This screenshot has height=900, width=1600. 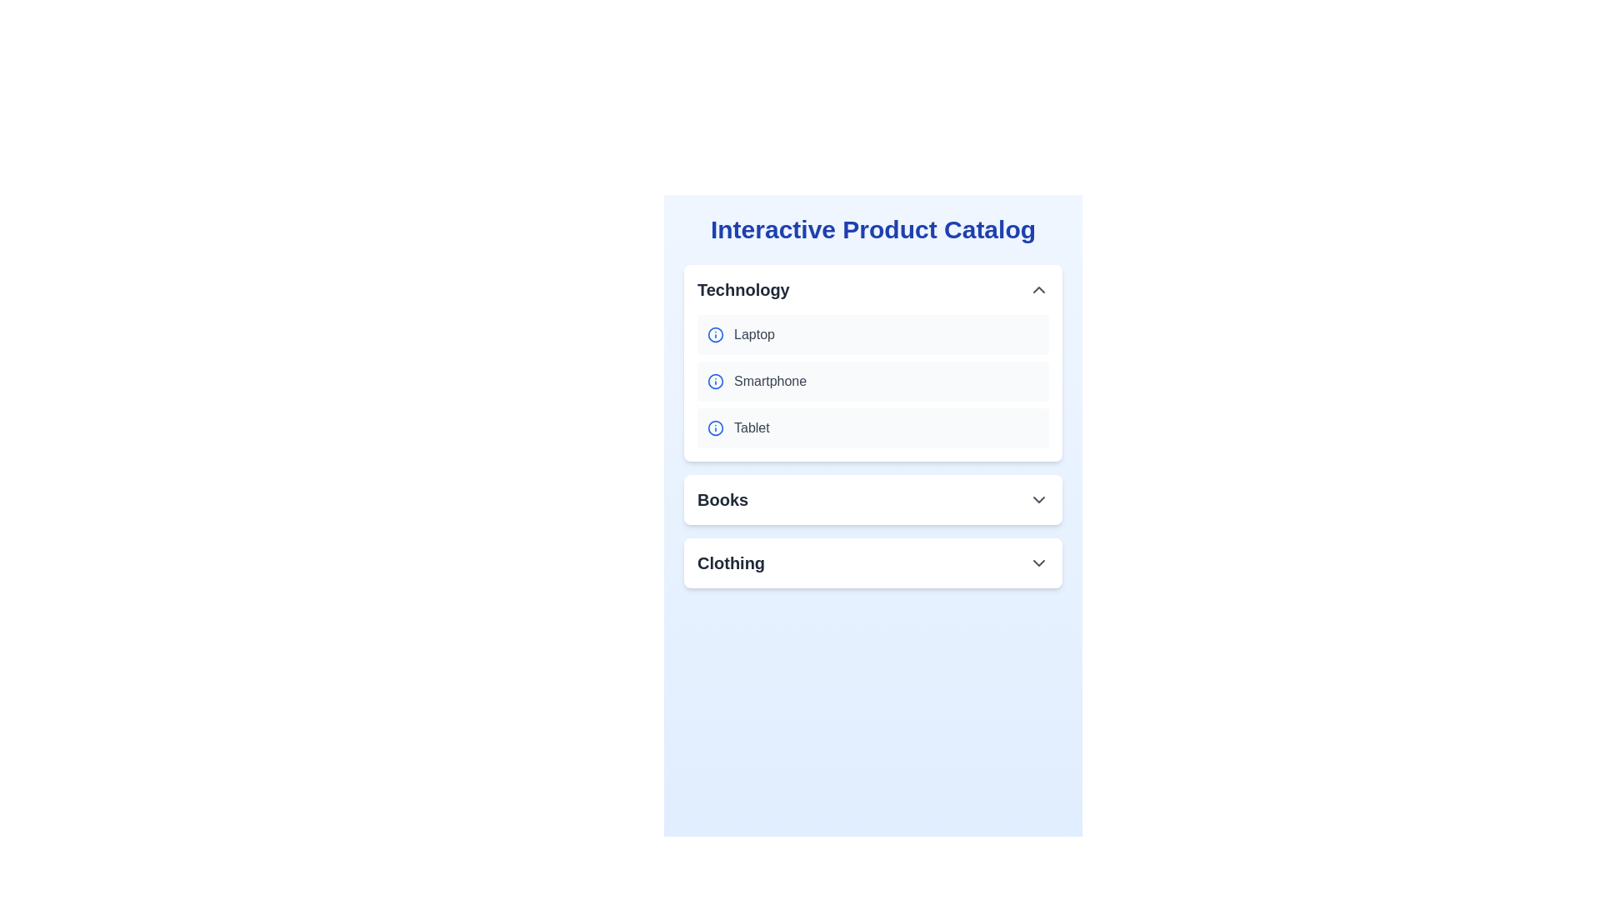 What do you see at coordinates (872, 499) in the screenshot?
I see `the 'Books' category dropdown button` at bounding box center [872, 499].